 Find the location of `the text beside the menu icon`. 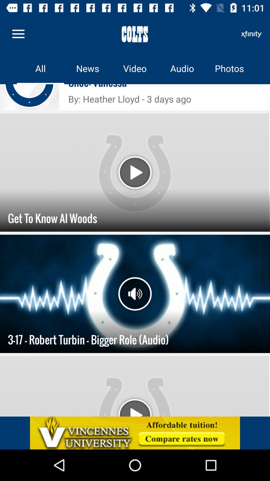

the text beside the menu icon is located at coordinates (135, 34).